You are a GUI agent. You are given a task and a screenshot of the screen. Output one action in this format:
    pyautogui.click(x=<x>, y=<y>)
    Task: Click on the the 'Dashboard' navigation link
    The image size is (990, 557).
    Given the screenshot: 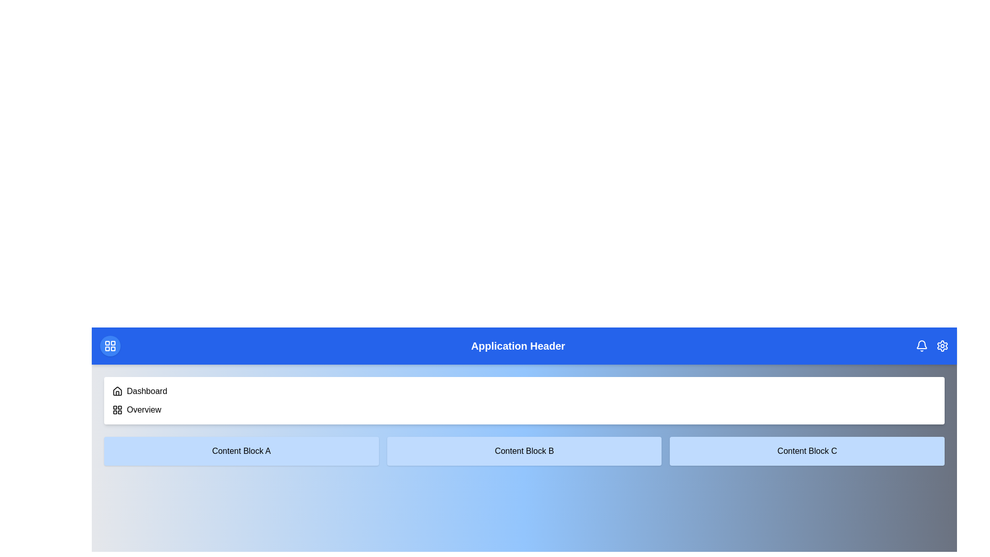 What is the action you would take?
    pyautogui.click(x=146, y=391)
    